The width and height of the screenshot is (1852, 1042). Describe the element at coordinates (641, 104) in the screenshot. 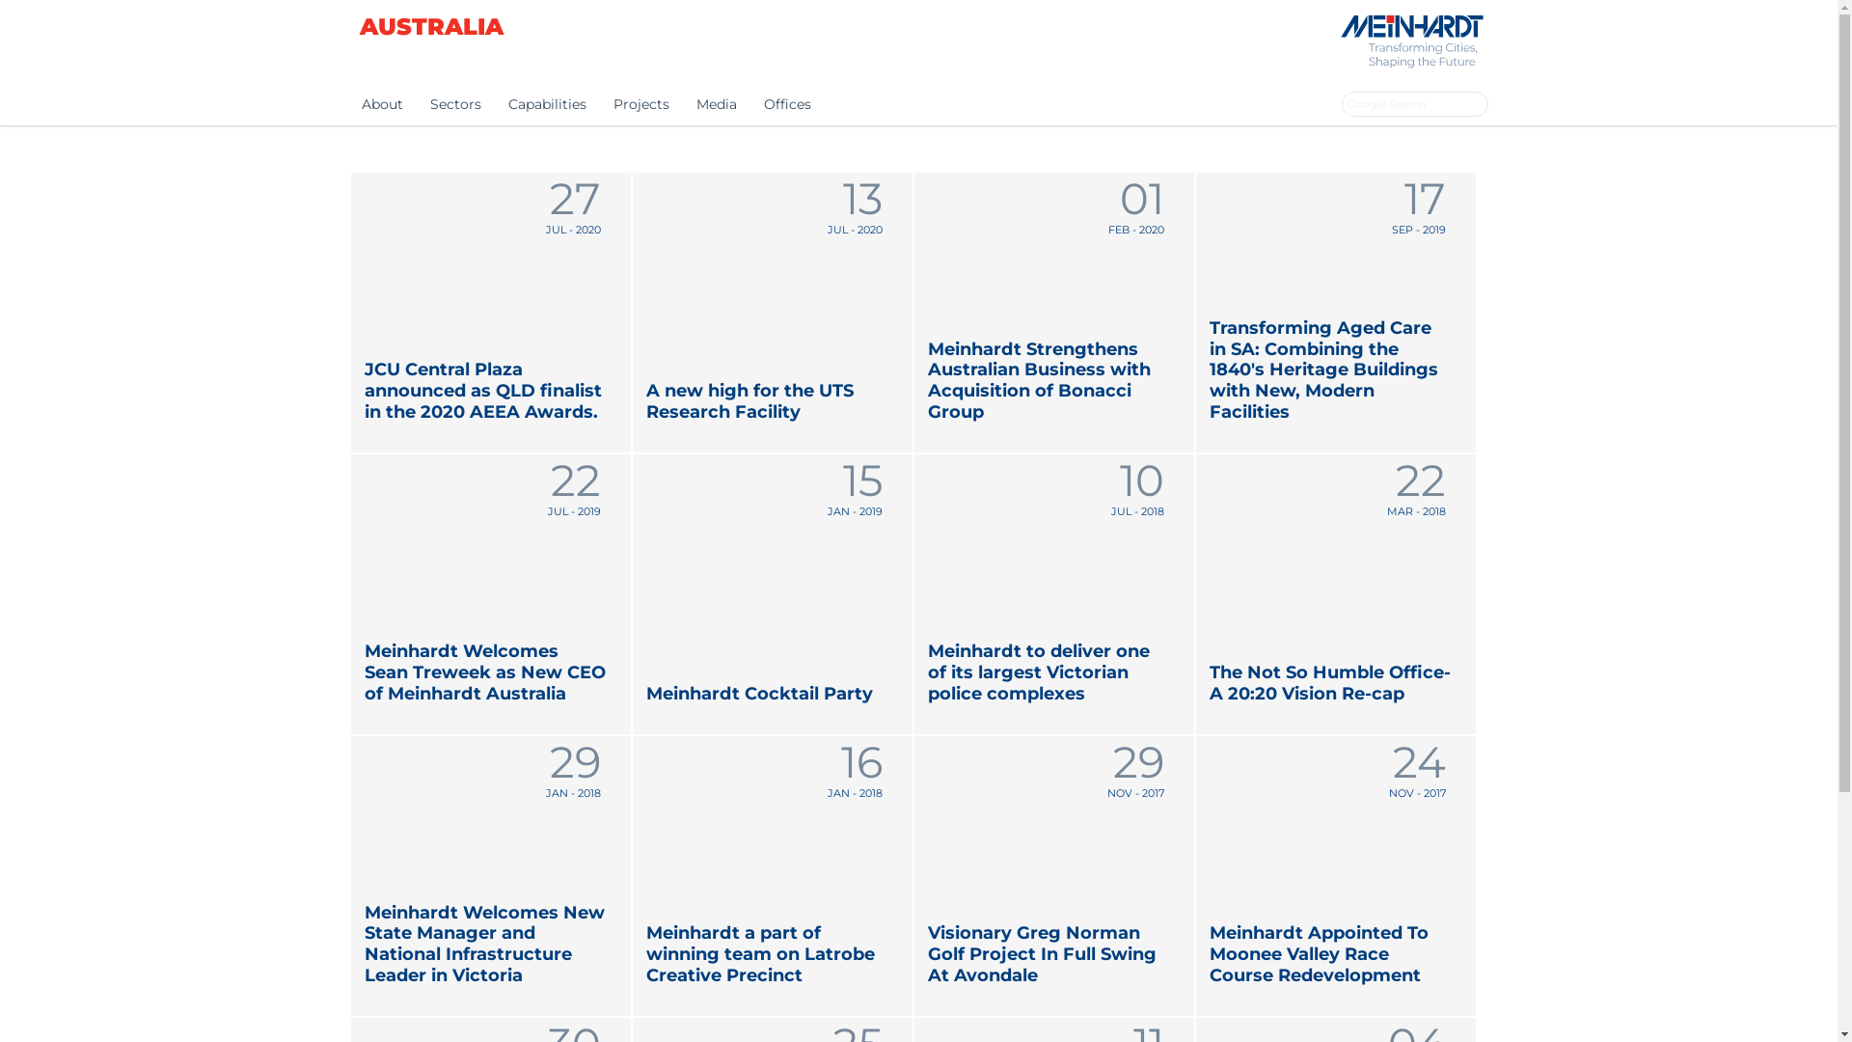

I see `'Projects'` at that location.